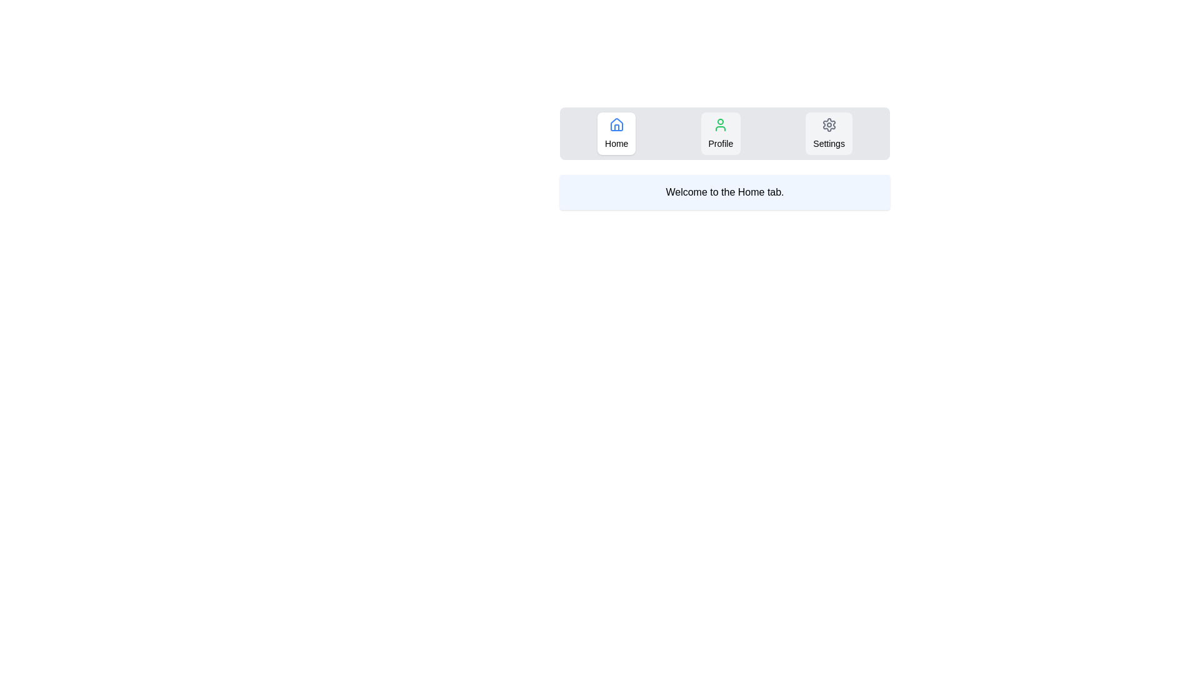  I want to click on the Profile tab to view its hover effect, so click(720, 133).